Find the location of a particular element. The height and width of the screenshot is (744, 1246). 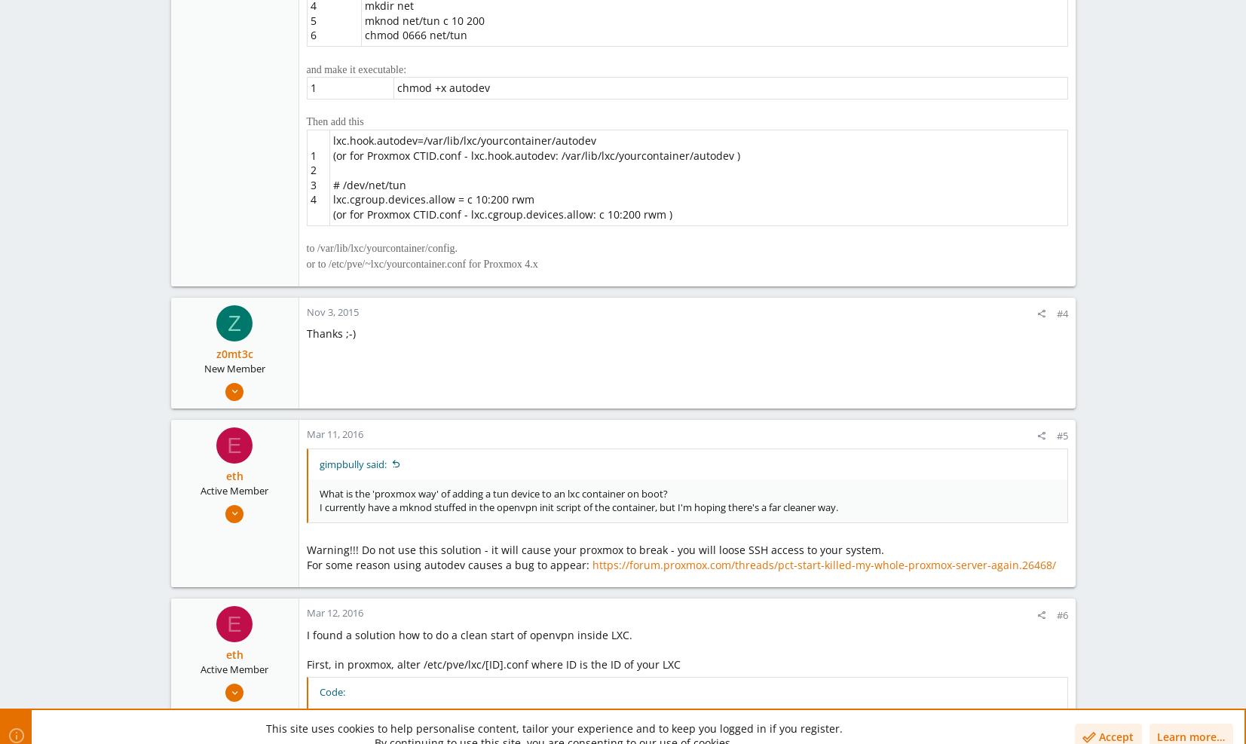

'chmod +x autodev' is located at coordinates (442, 87).